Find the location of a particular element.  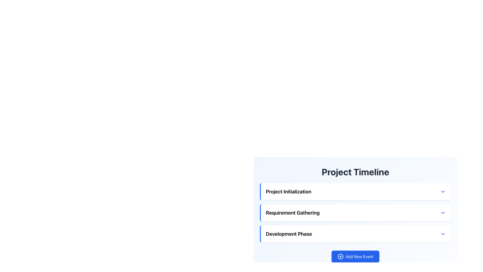

the Dropdown toggle button for the 'Requirement Gathering' section to change its color is located at coordinates (443, 213).